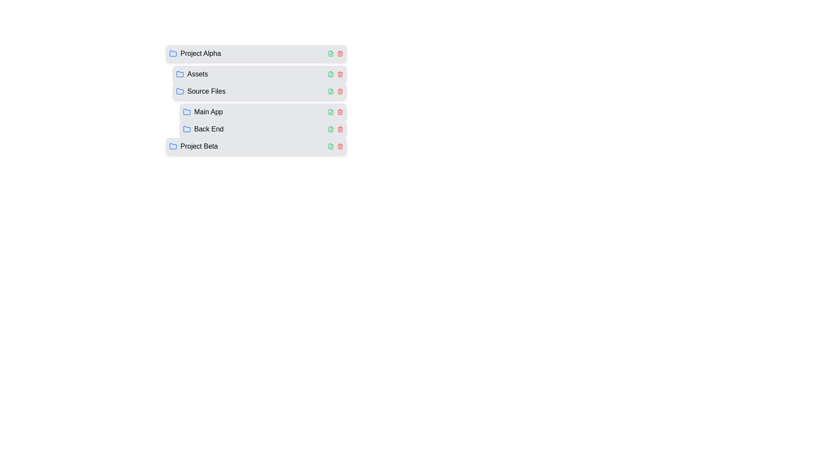 Image resolution: width=825 pixels, height=464 pixels. I want to click on the folder icon with a blue outline representing 'Project Beta', so click(173, 145).